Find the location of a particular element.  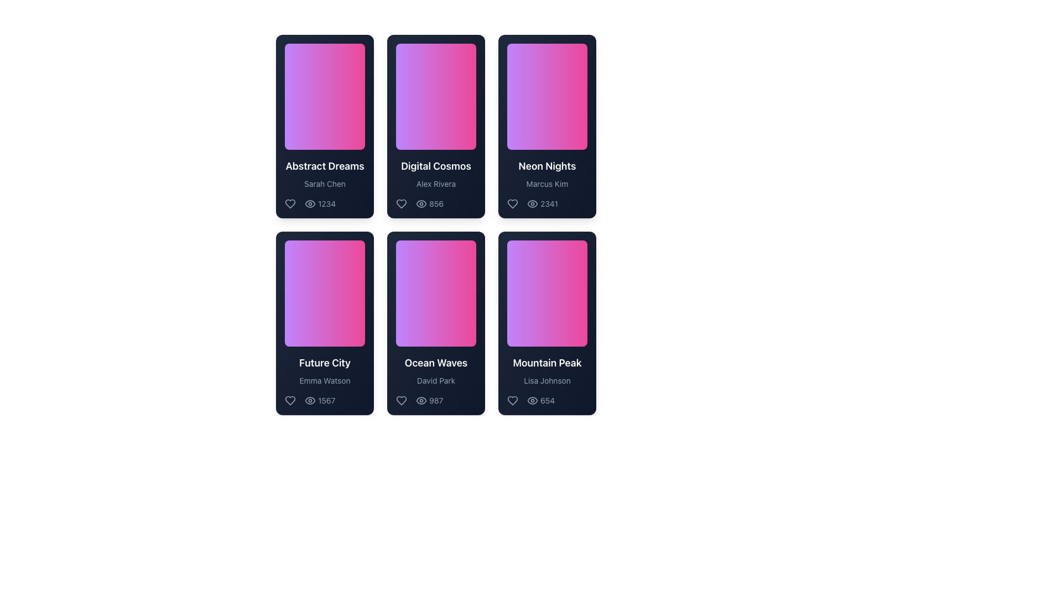

the views icon for the 'Digital Cosmos' card, located in the central column, second row, beneath the card title is located at coordinates (429, 204).